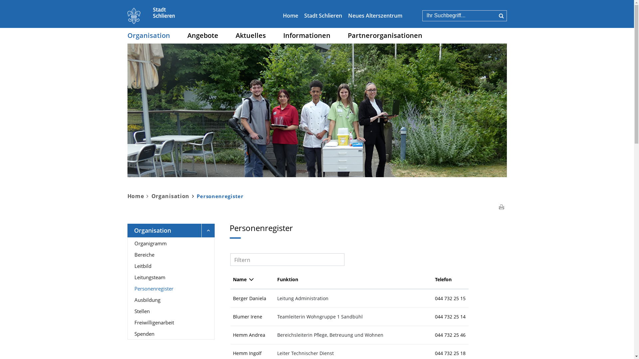 The image size is (639, 359). Describe the element at coordinates (171, 277) in the screenshot. I see `'Leitungsteam'` at that location.